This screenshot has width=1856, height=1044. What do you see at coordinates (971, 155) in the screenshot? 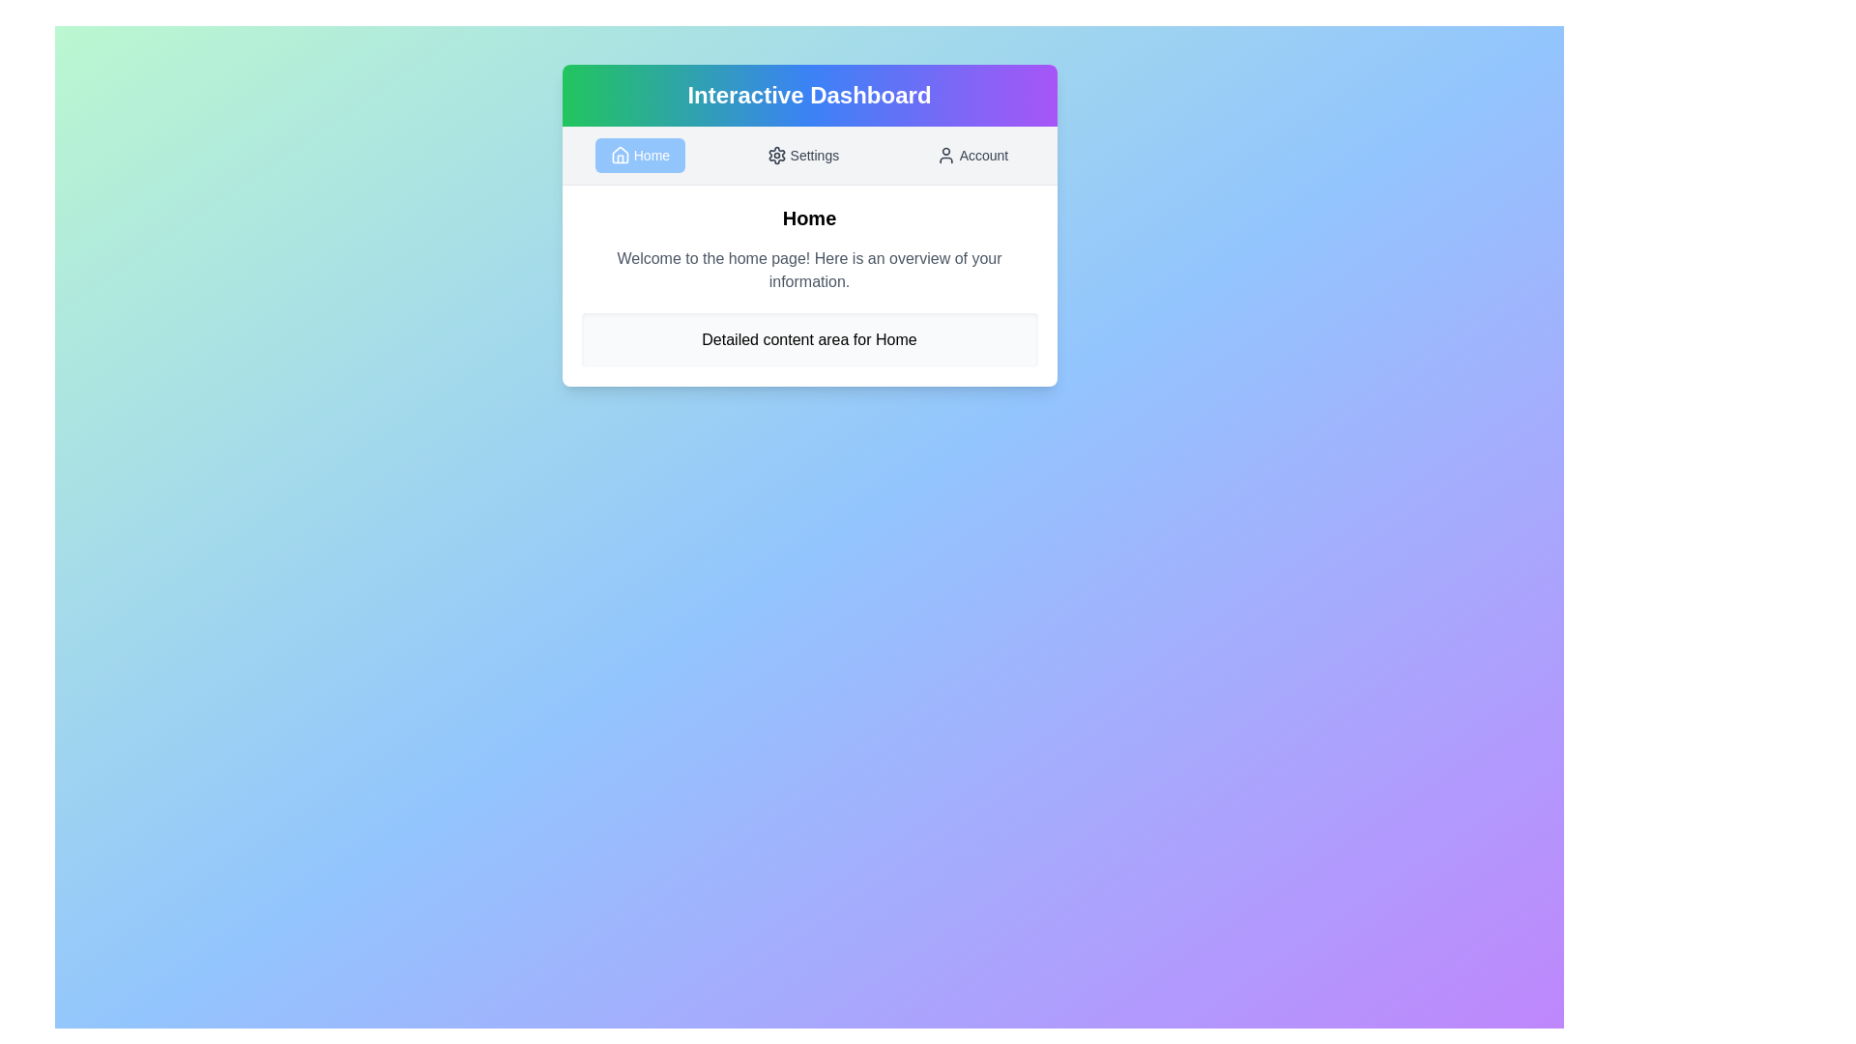
I see `the Account tab by clicking on its button` at bounding box center [971, 155].